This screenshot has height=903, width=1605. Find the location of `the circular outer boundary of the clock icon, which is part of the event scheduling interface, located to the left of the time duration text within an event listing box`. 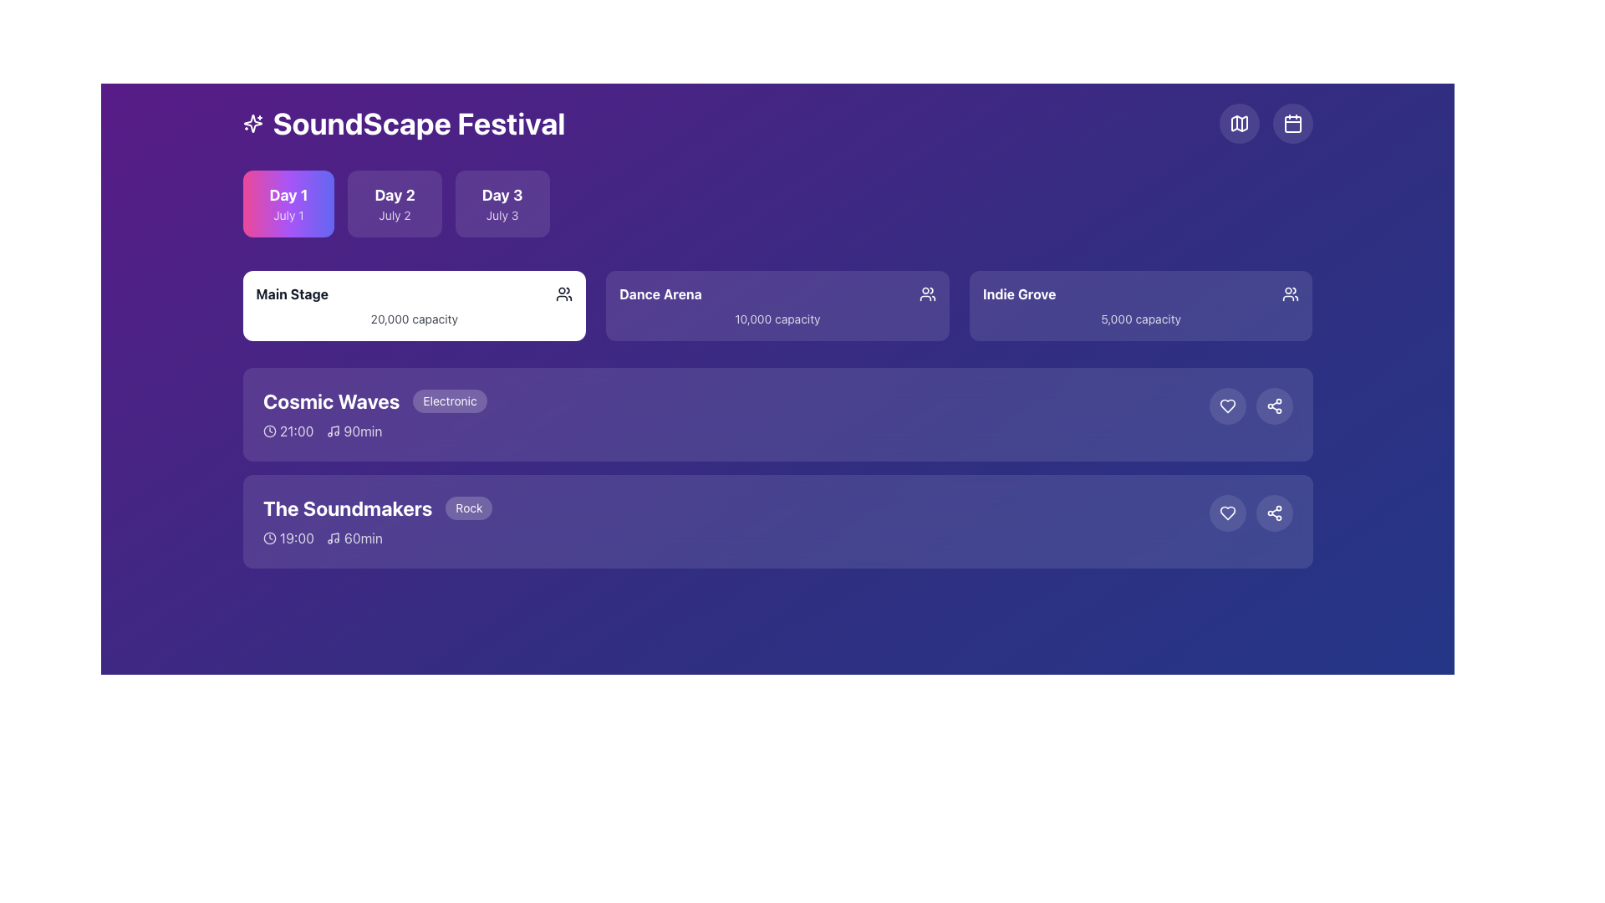

the circular outer boundary of the clock icon, which is part of the event scheduling interface, located to the left of the time duration text within an event listing box is located at coordinates (269, 431).